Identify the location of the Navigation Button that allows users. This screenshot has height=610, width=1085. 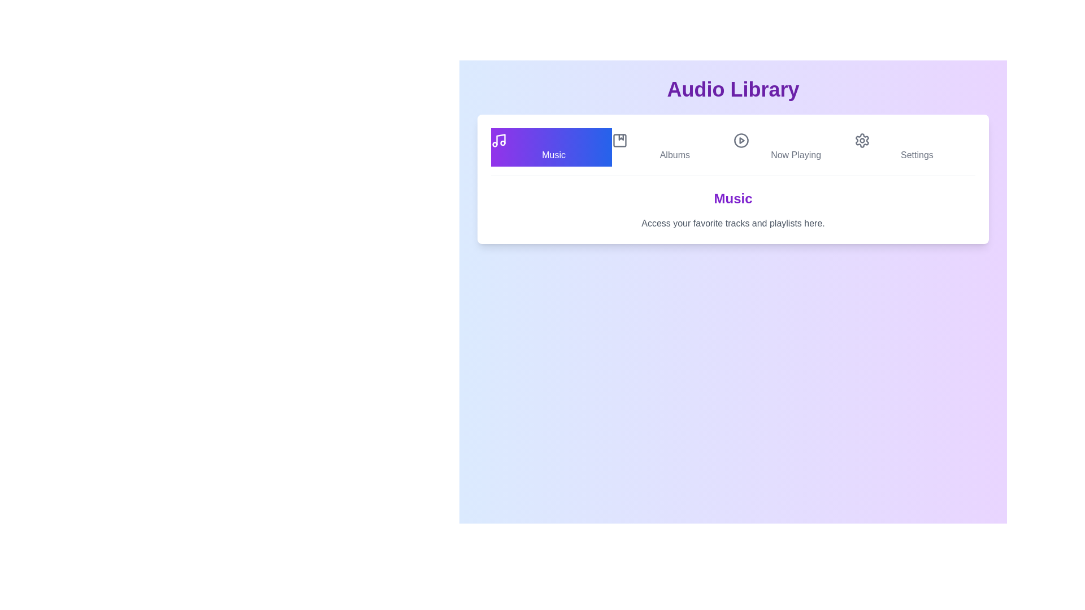
(552, 147).